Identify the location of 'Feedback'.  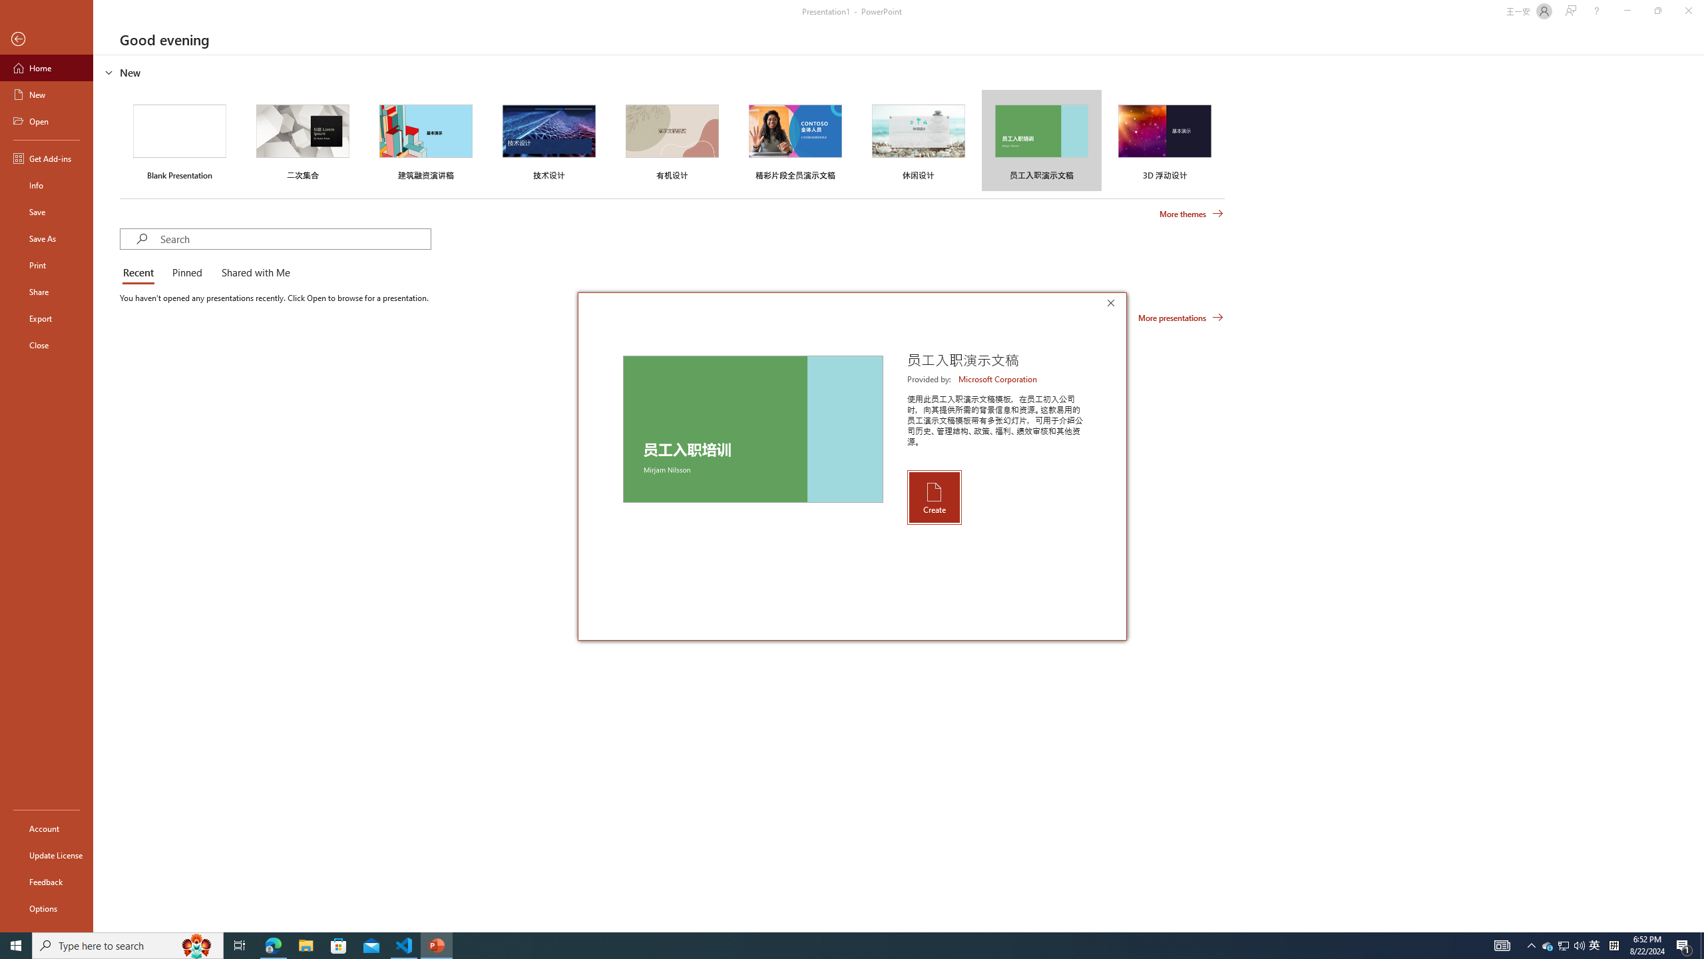
(46, 882).